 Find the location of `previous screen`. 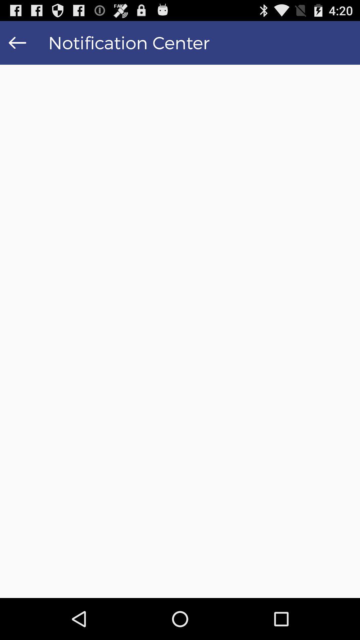

previous screen is located at coordinates (17, 42).